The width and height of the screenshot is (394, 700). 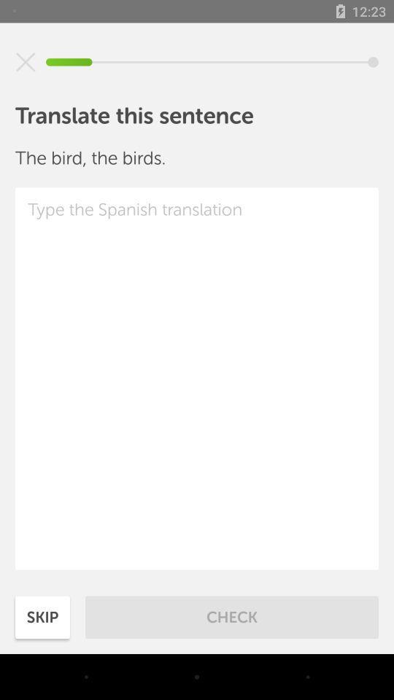 I want to click on item next to the check item, so click(x=42, y=616).